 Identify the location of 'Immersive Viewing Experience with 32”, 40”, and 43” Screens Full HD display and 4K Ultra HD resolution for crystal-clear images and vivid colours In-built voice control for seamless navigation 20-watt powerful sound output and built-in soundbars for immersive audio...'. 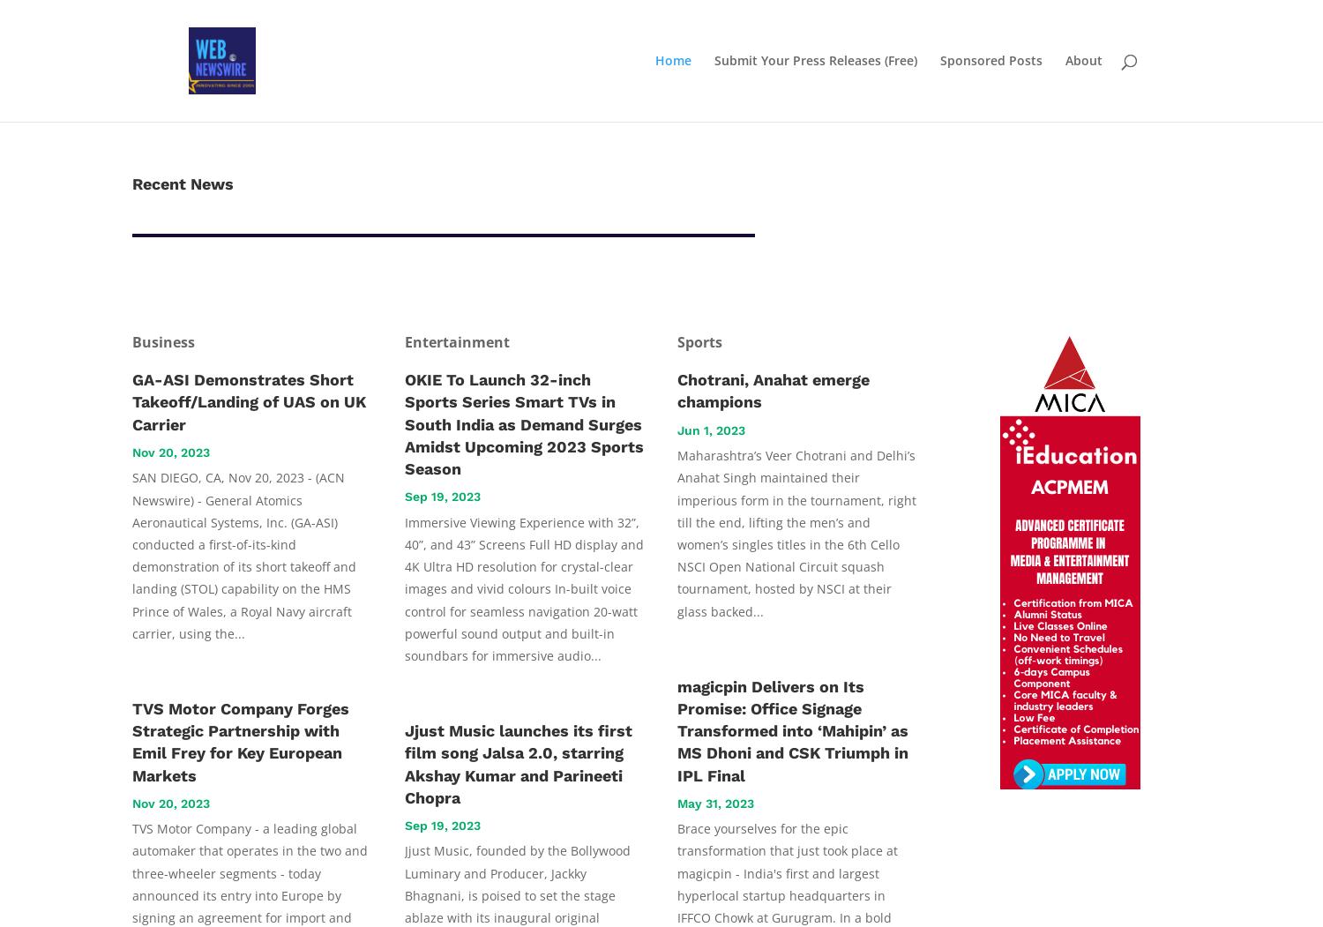
(404, 587).